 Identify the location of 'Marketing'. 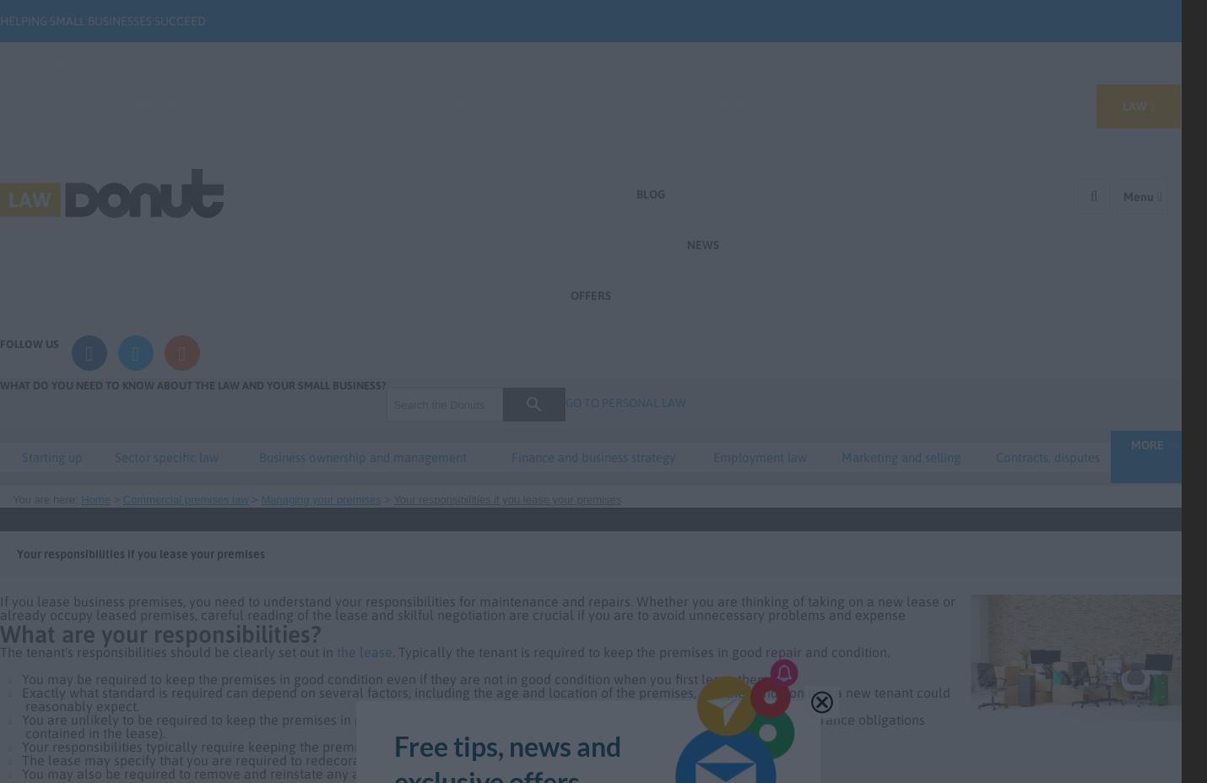
(444, 104).